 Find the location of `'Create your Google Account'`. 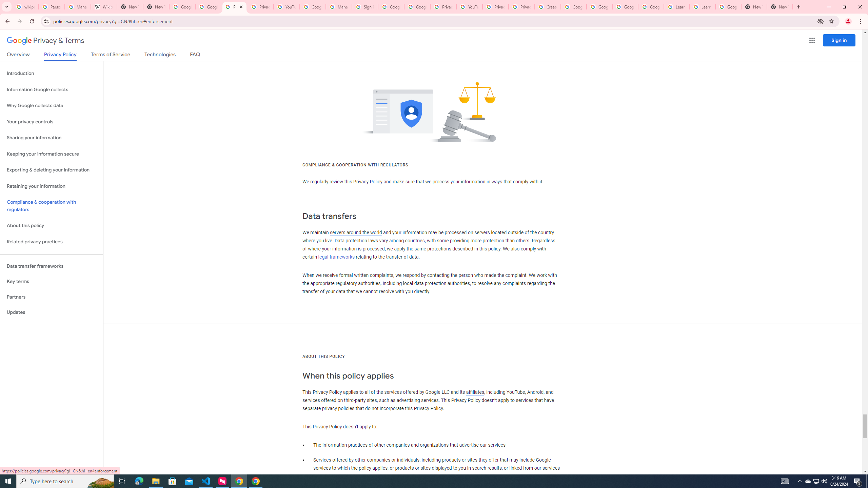

'Create your Google Account' is located at coordinates (547, 6).